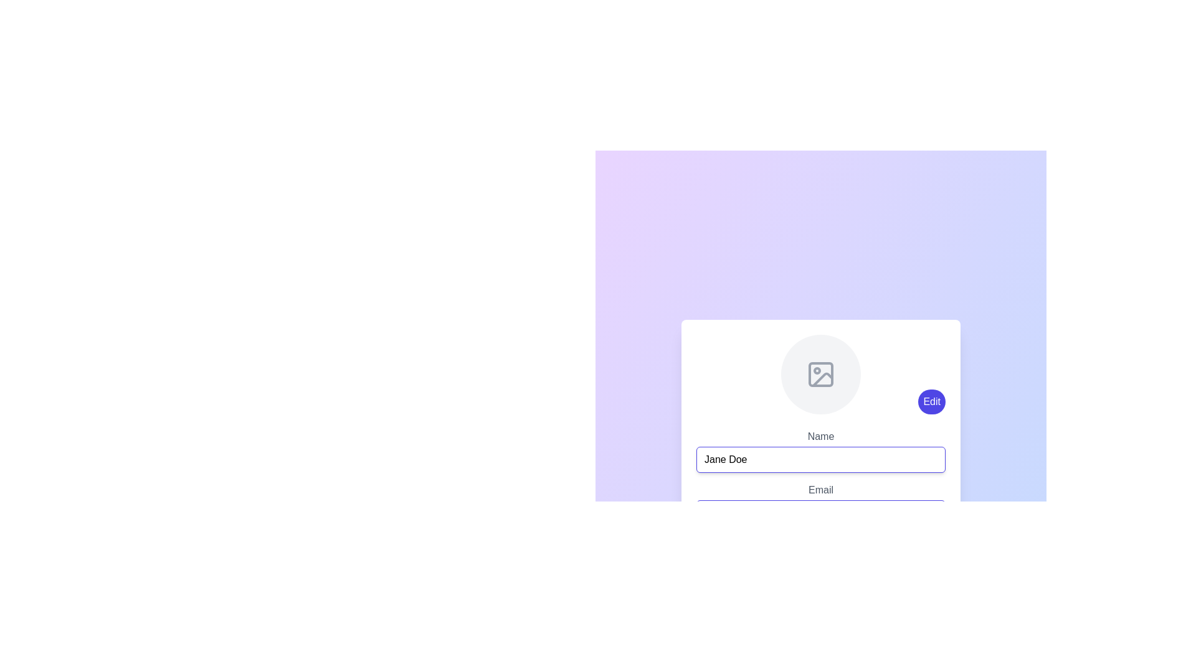 The height and width of the screenshot is (672, 1196). I want to click on the rounded 'Edit' button with white text on an indigo background located at the bottom-right corner of the user profile layout, so click(932, 401).